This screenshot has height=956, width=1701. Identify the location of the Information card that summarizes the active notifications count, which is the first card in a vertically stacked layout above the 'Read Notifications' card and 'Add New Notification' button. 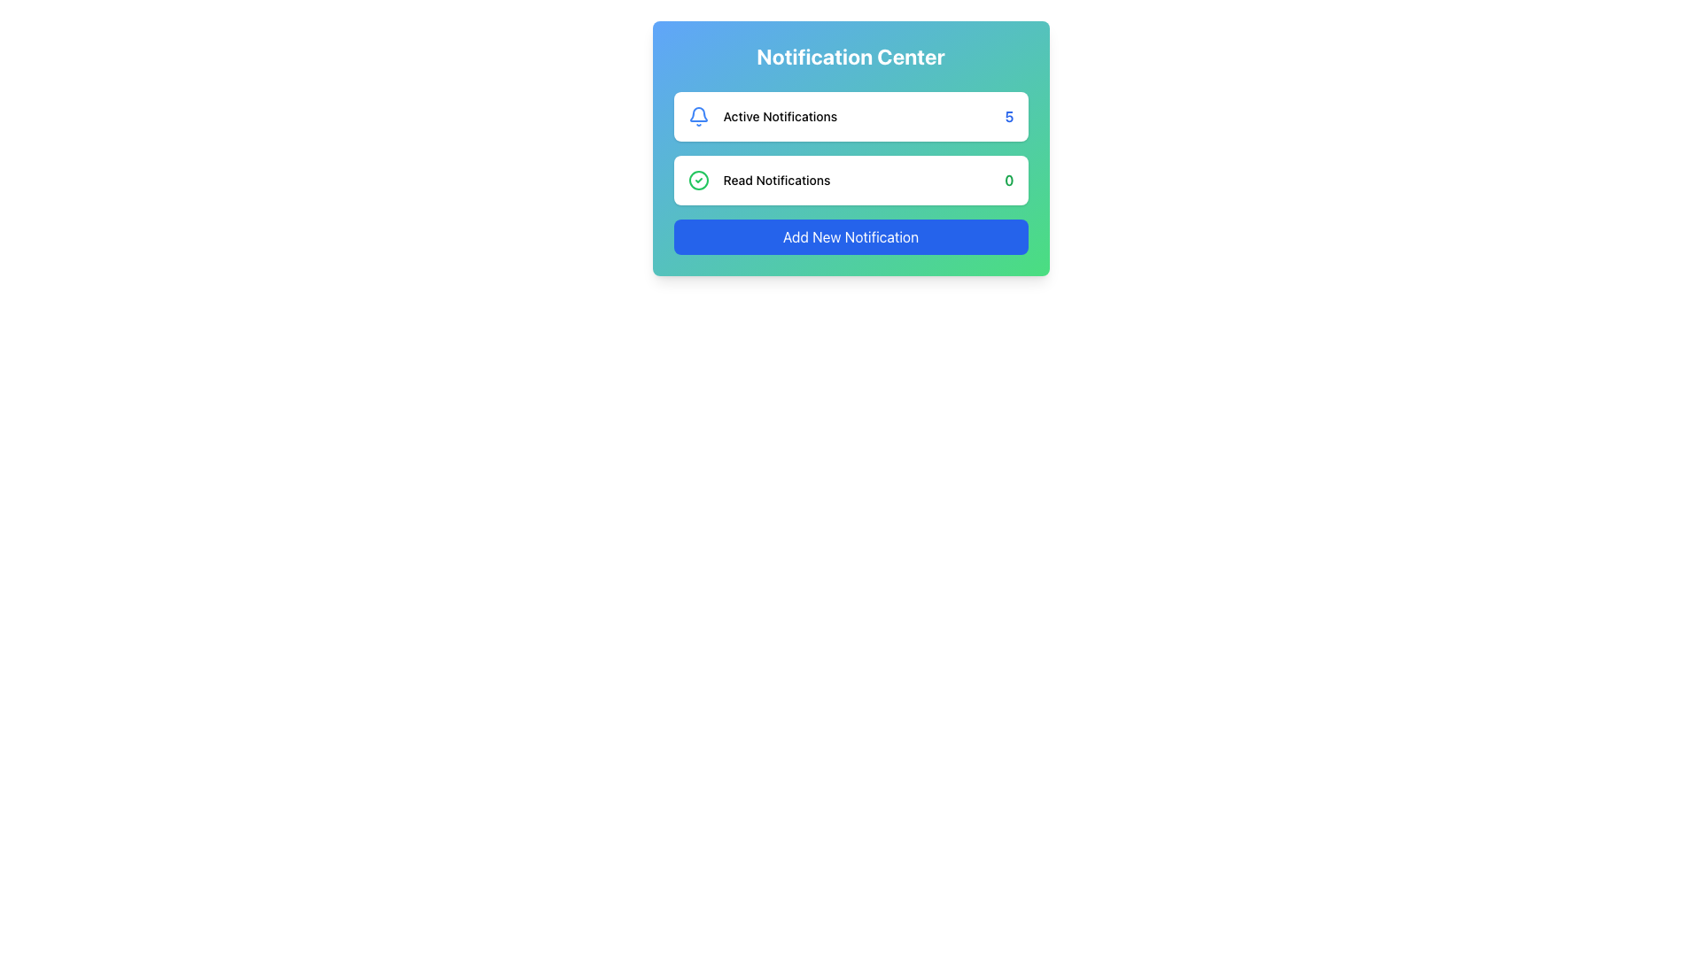
(850, 116).